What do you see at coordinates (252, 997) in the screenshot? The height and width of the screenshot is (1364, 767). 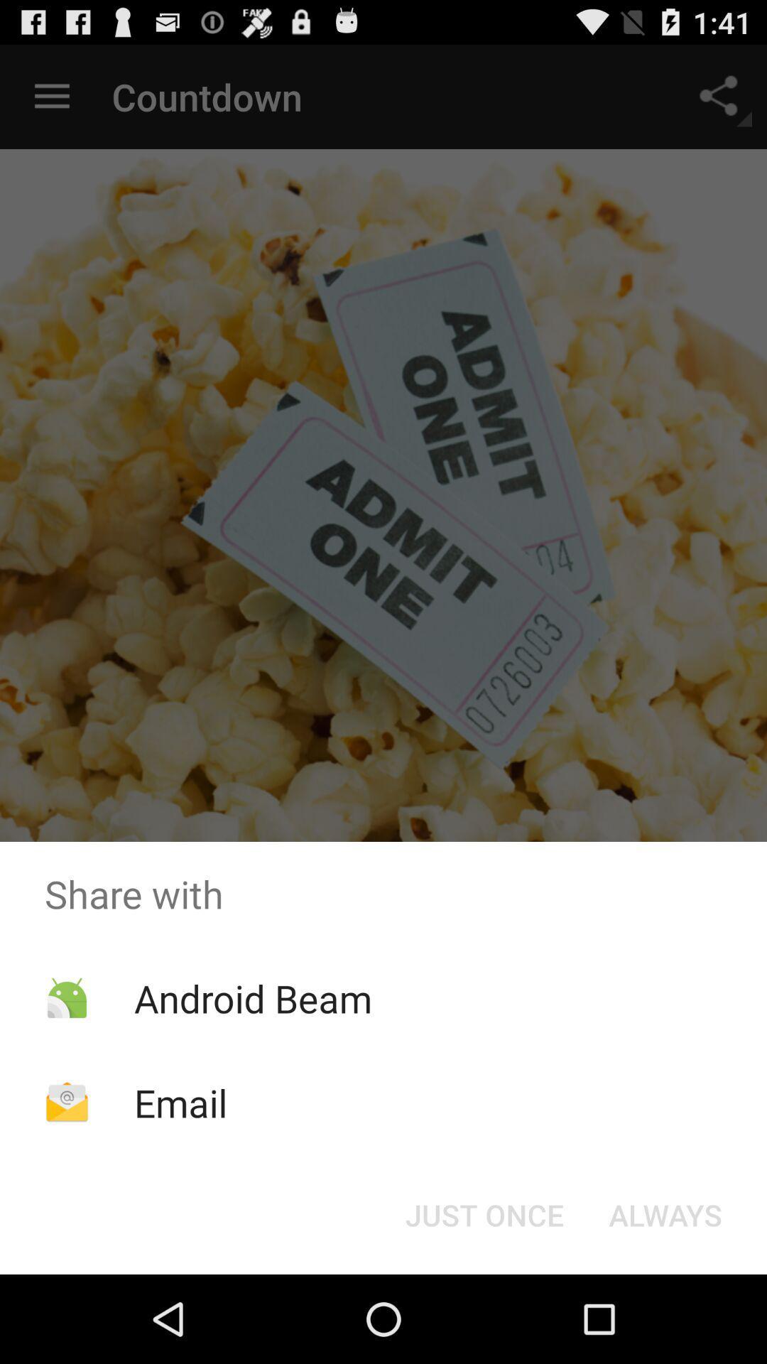 I see `the android beam app` at bounding box center [252, 997].